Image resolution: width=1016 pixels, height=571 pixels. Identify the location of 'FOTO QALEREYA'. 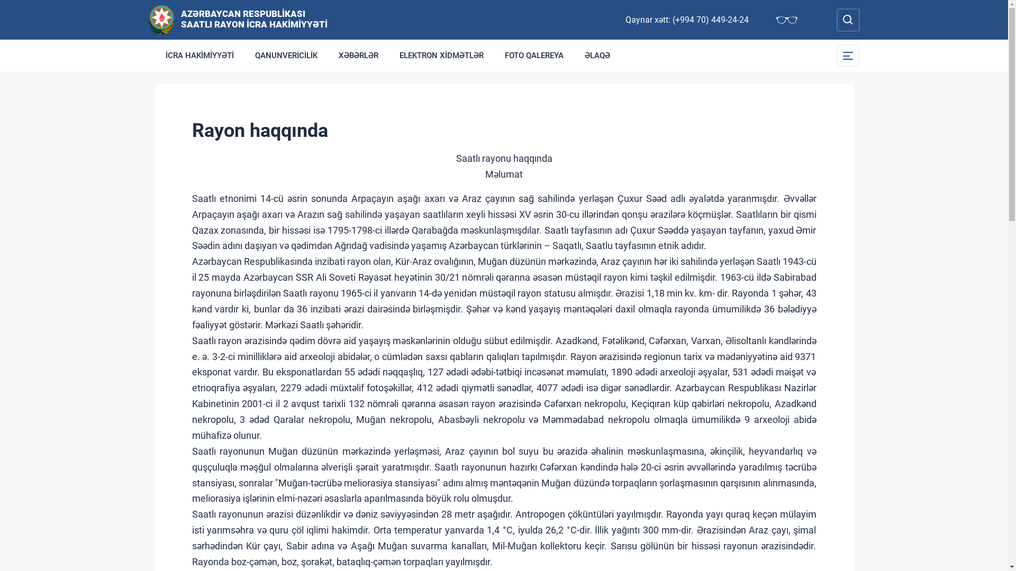
(534, 55).